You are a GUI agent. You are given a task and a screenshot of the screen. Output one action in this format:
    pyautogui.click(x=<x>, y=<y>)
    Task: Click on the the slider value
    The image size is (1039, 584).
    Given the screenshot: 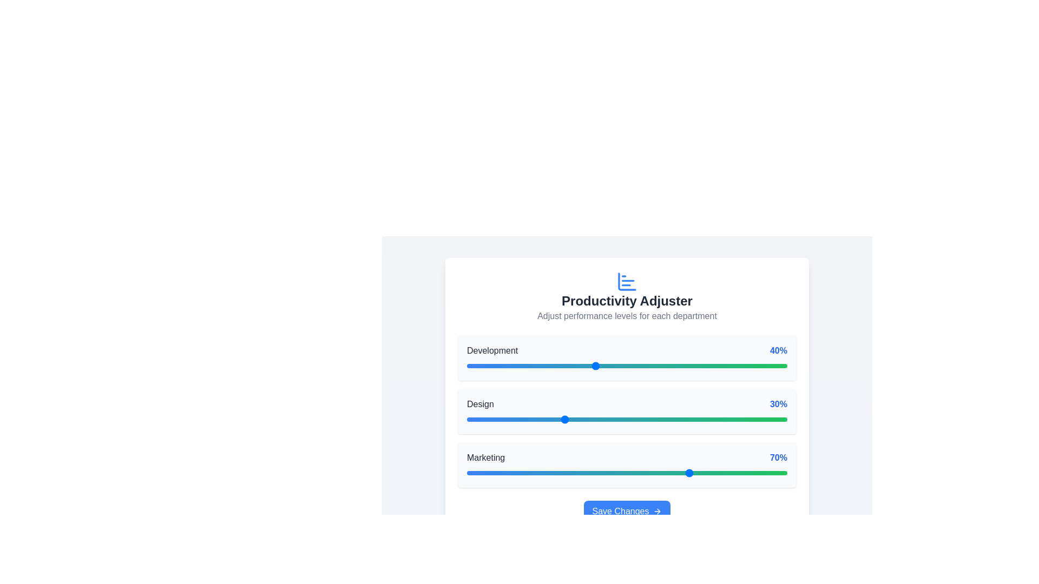 What is the action you would take?
    pyautogui.click(x=582, y=473)
    